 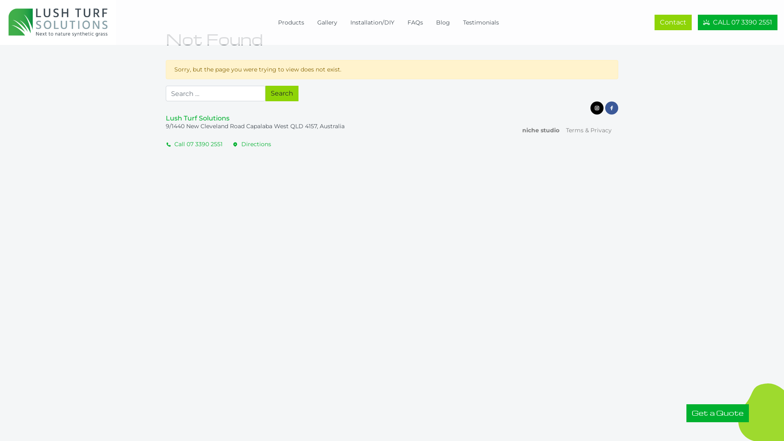 What do you see at coordinates (442, 22) in the screenshot?
I see `'Blog'` at bounding box center [442, 22].